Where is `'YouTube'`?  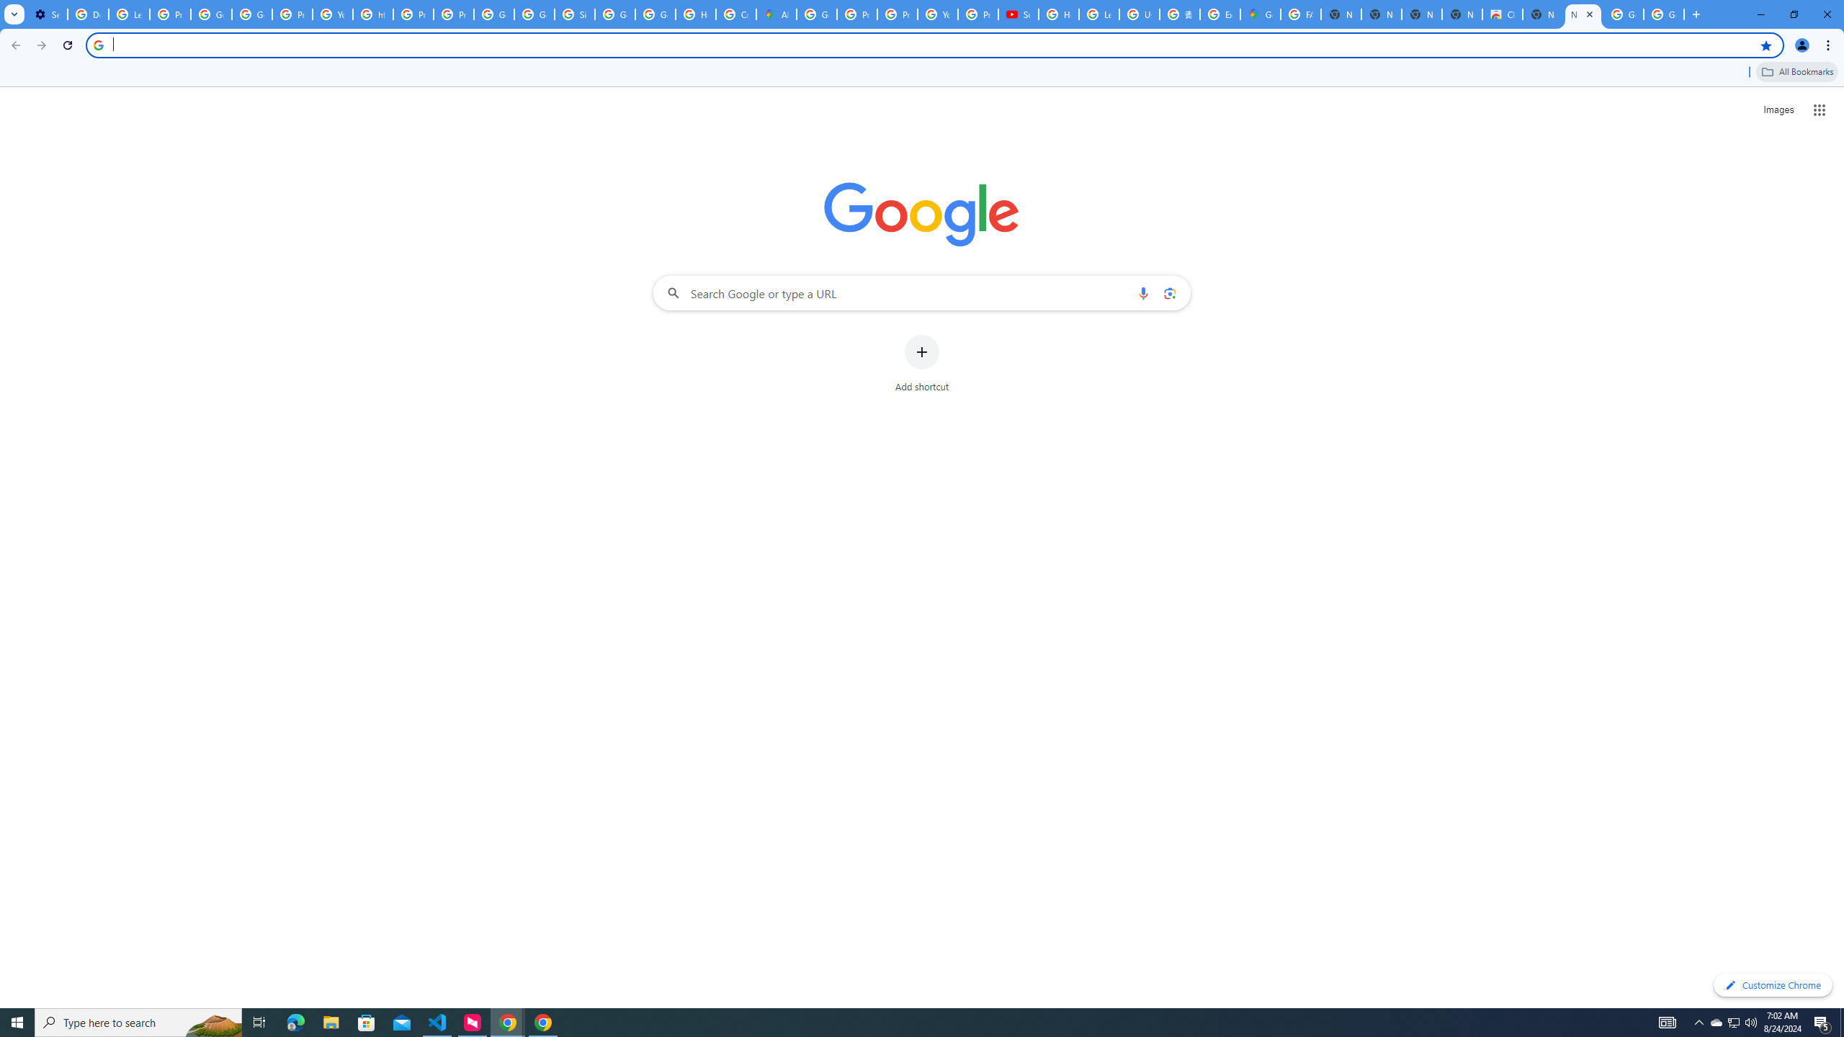 'YouTube' is located at coordinates (332, 14).